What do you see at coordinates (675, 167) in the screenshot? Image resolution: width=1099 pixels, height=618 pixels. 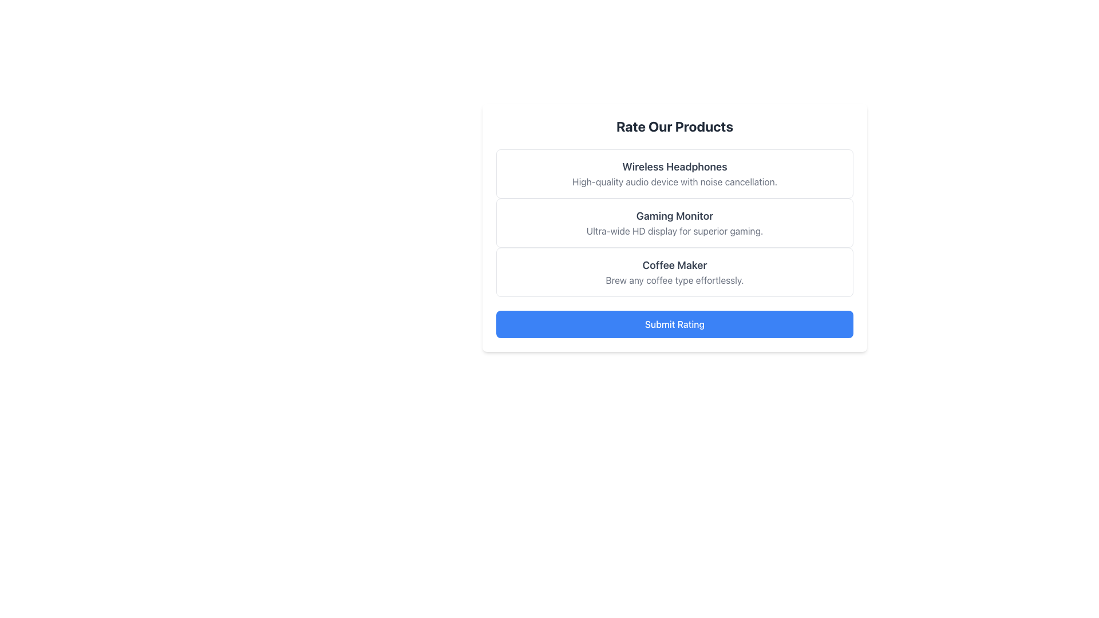 I see `the text label that reads 'Wireless Headphones', which is located at the top of its card-like structure in the central area of the layout under the 'Rate Our Products' header` at bounding box center [675, 167].